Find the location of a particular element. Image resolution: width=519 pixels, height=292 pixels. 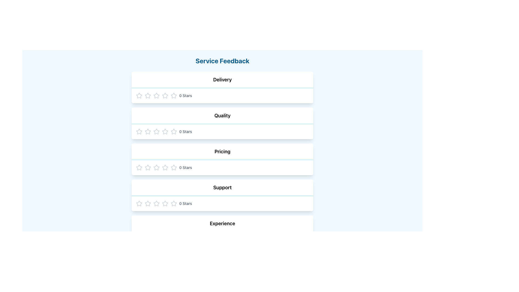

the second star in the five-star rating system under the 'Support' category is located at coordinates (148, 203).